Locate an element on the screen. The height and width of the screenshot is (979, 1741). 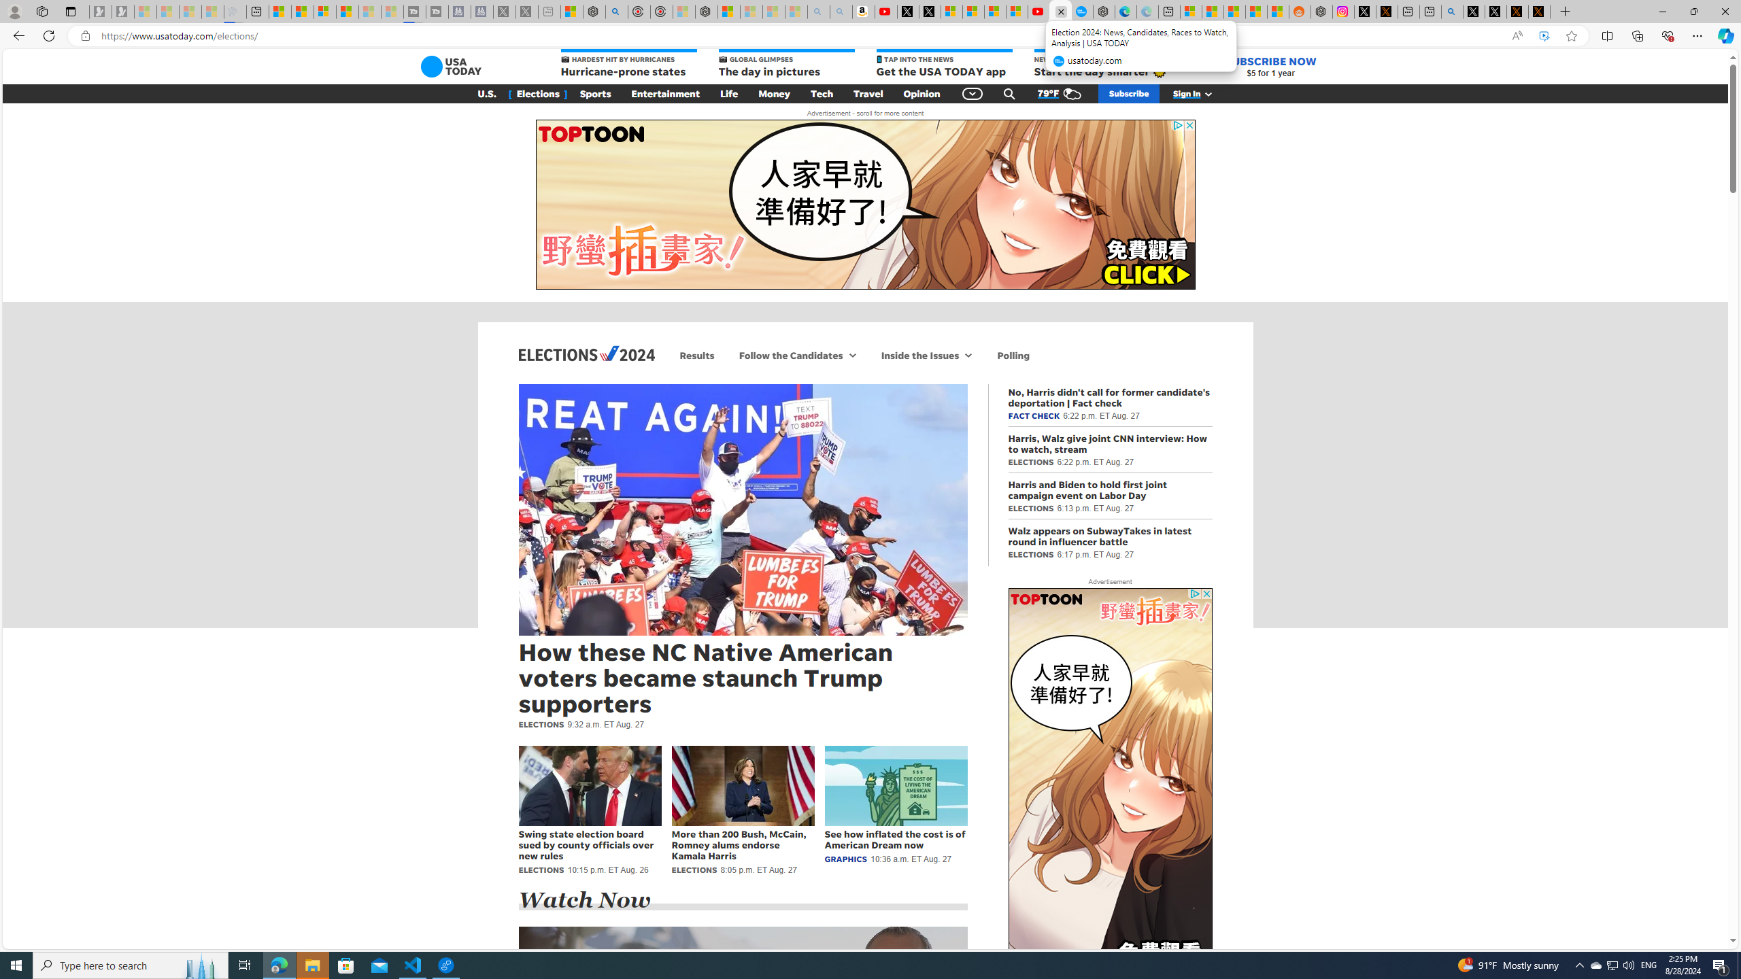
'Tech' is located at coordinates (821, 93).